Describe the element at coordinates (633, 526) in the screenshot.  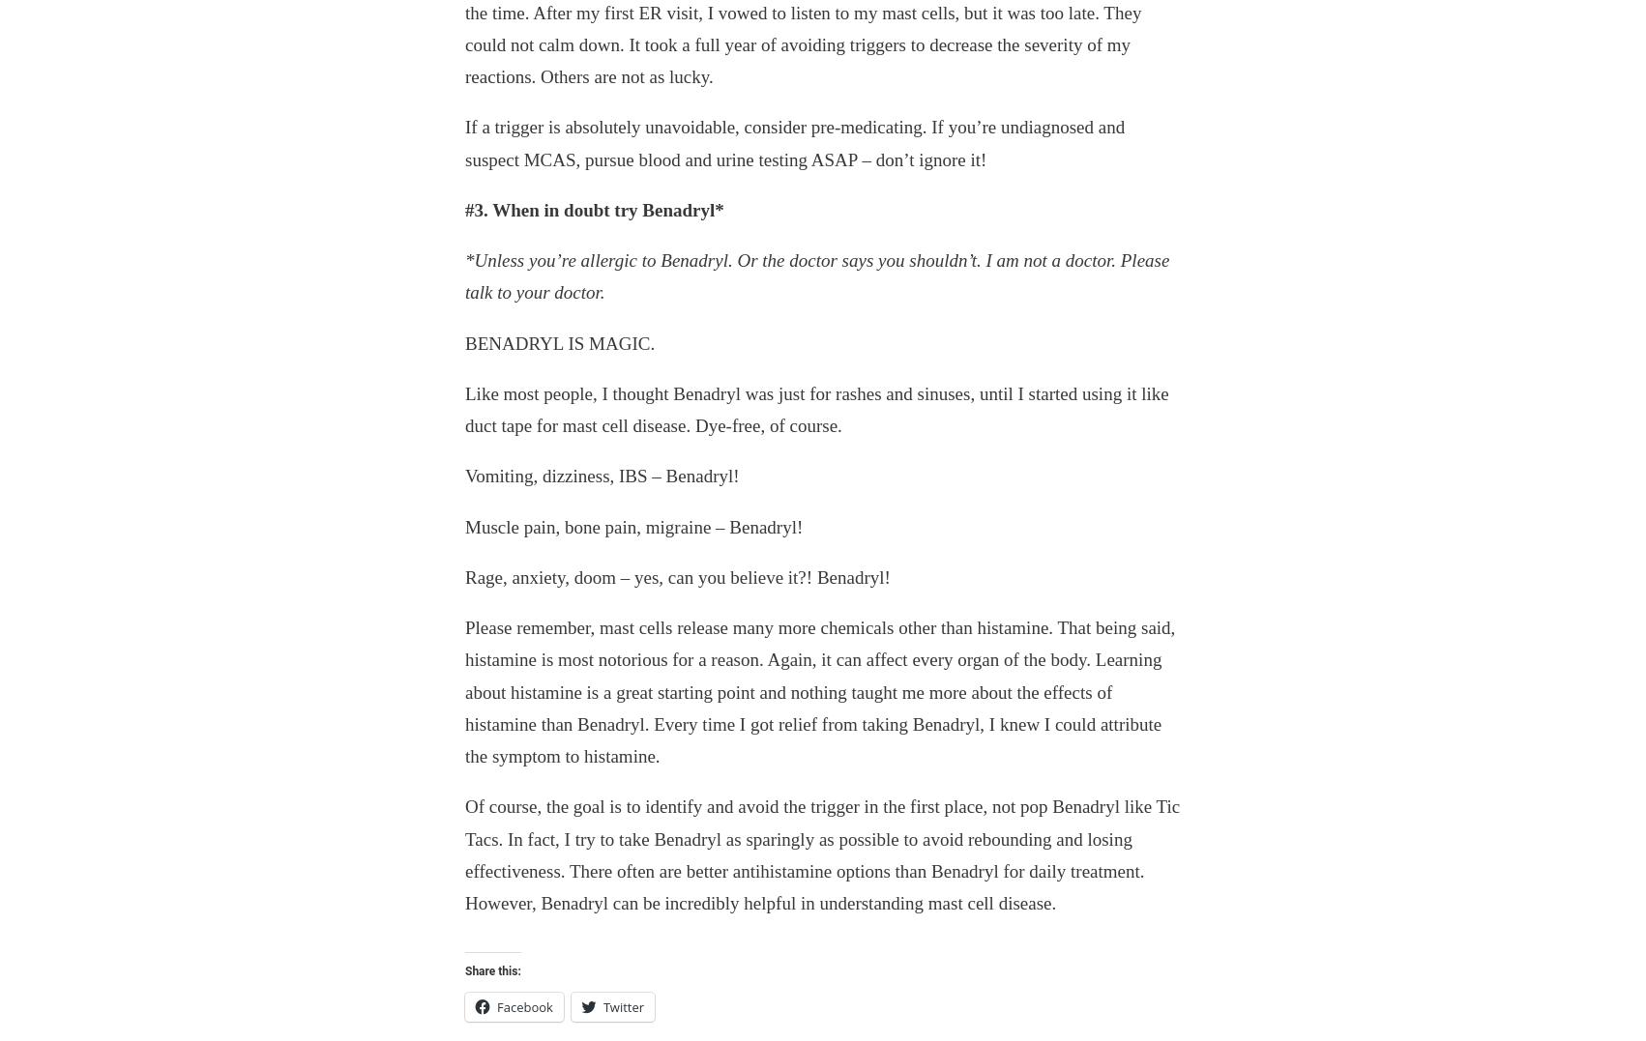
I see `'Muscle pain, bone pain, migraine – Benadryl!'` at that location.